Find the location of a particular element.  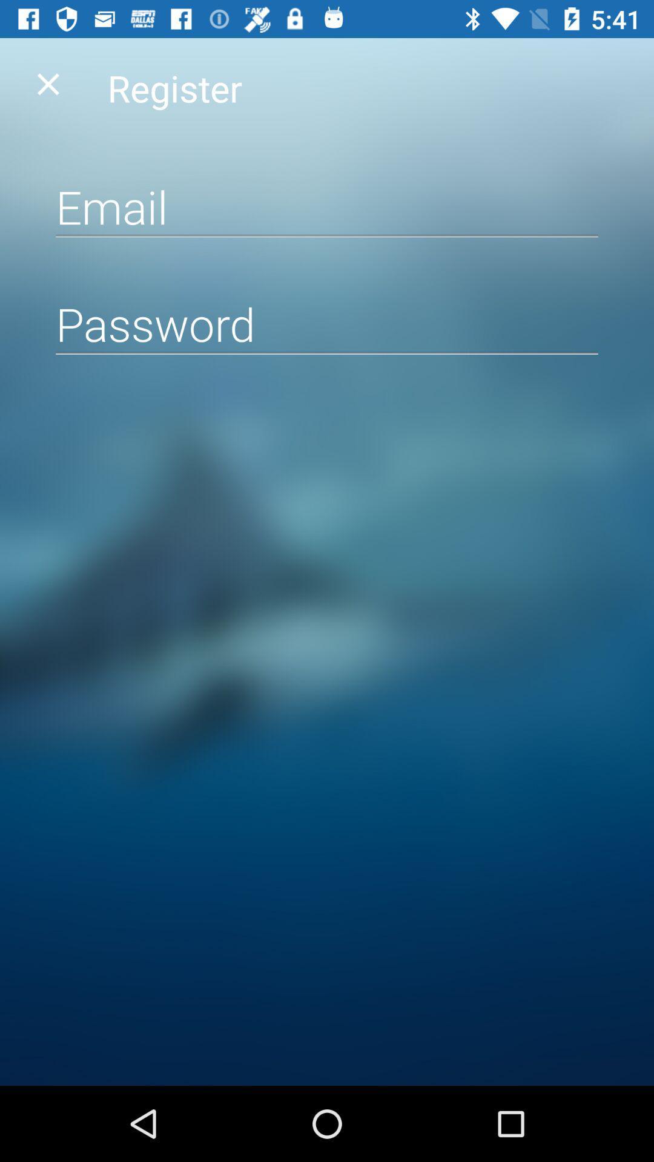

an email is located at coordinates (327, 206).